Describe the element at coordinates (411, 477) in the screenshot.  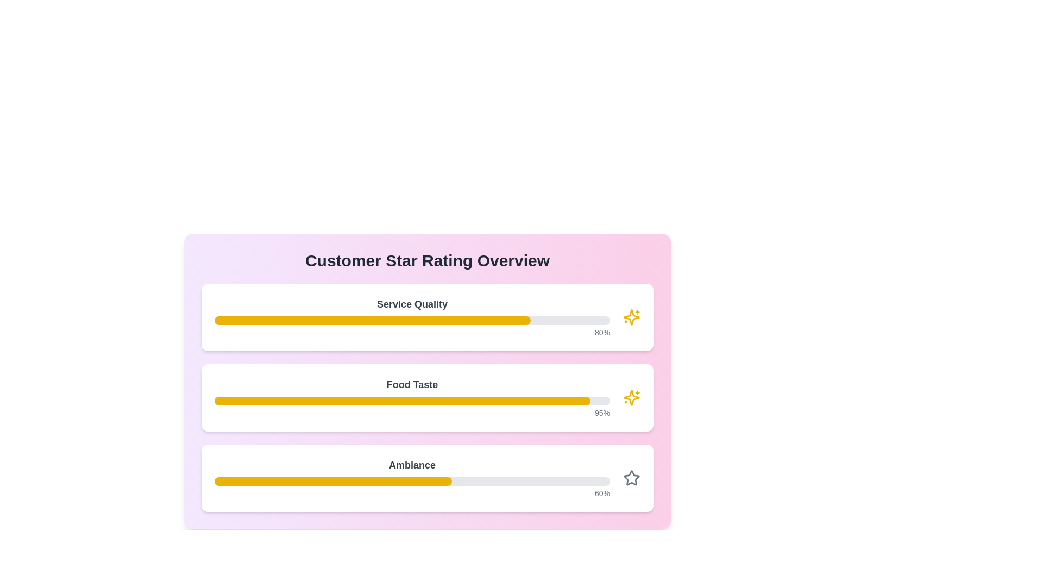
I see `the 'Ambiance' progress bar, which visually represents the rating with a percentage value to its right, located on the third row of the progress bar section` at that location.